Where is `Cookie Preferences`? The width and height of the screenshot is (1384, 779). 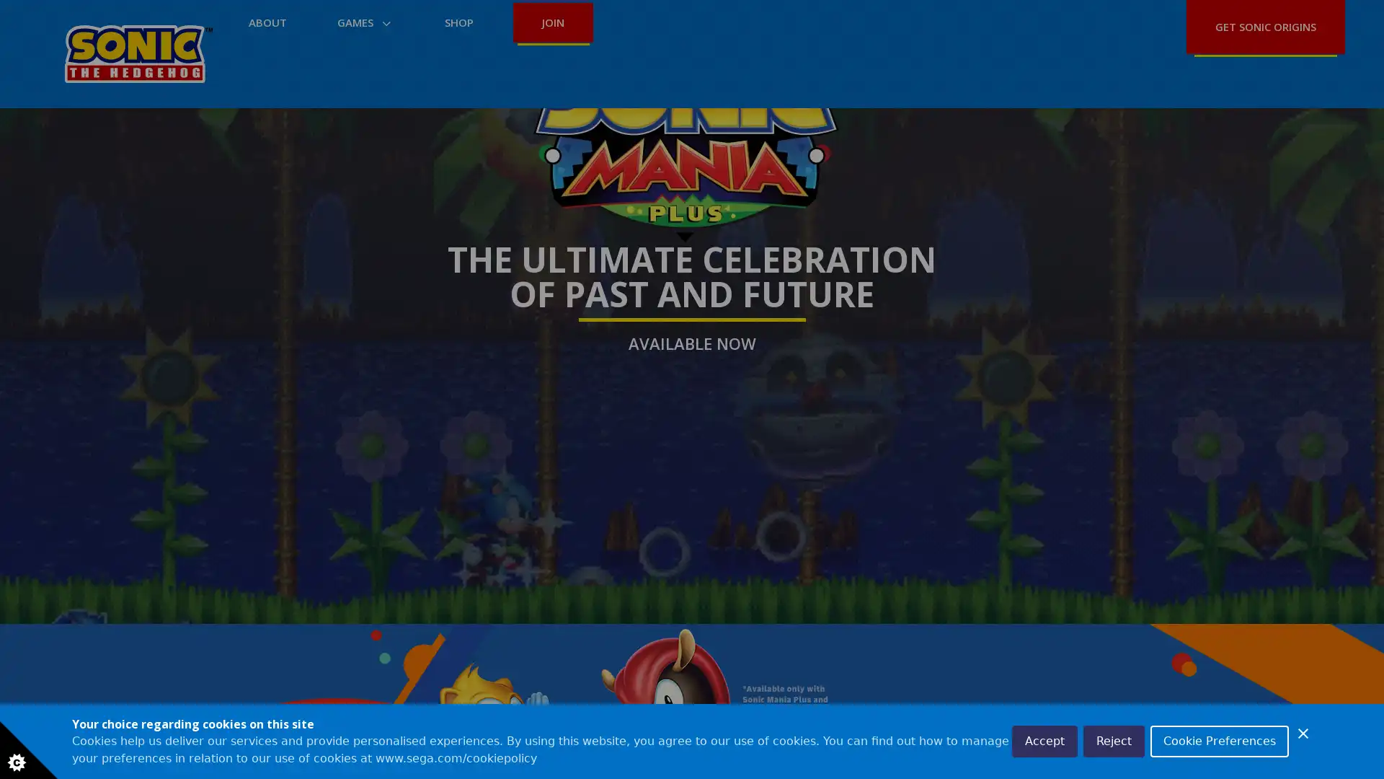
Cookie Preferences is located at coordinates (1219, 741).